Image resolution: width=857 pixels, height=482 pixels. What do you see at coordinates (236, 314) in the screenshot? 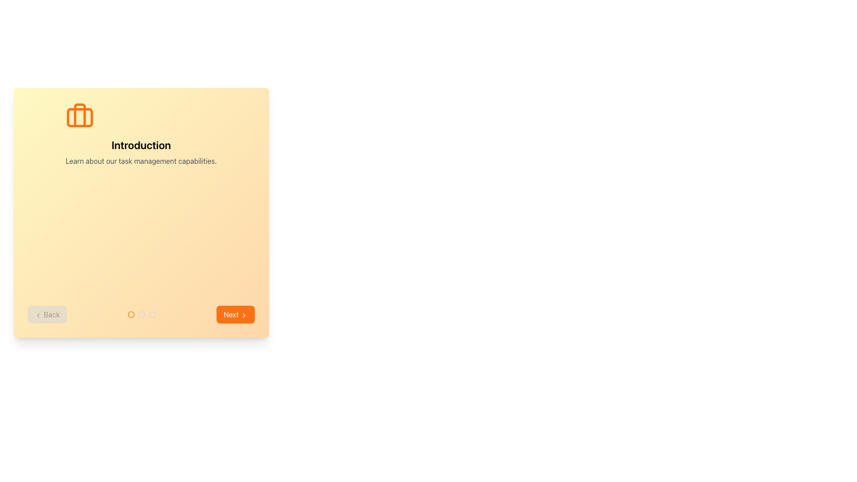
I see `the second navigation button positioned on the far right of the layout` at bounding box center [236, 314].